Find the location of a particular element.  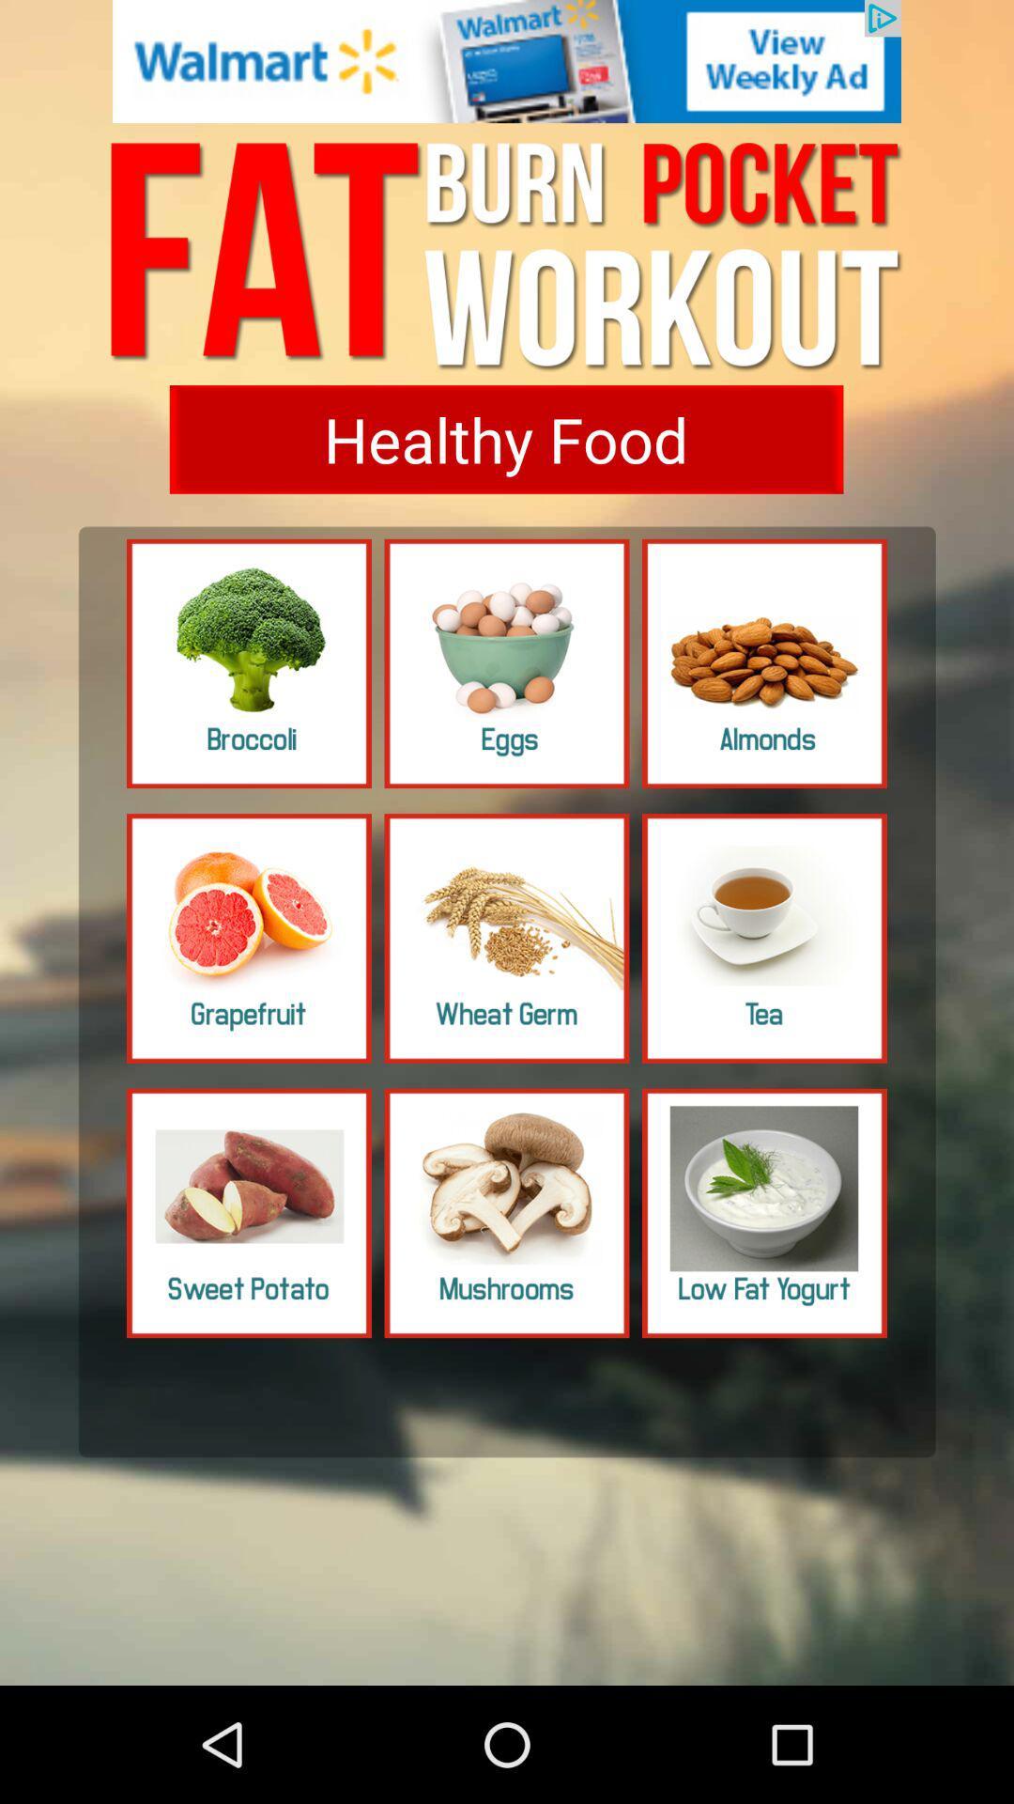

click advertisement is located at coordinates (507, 61).